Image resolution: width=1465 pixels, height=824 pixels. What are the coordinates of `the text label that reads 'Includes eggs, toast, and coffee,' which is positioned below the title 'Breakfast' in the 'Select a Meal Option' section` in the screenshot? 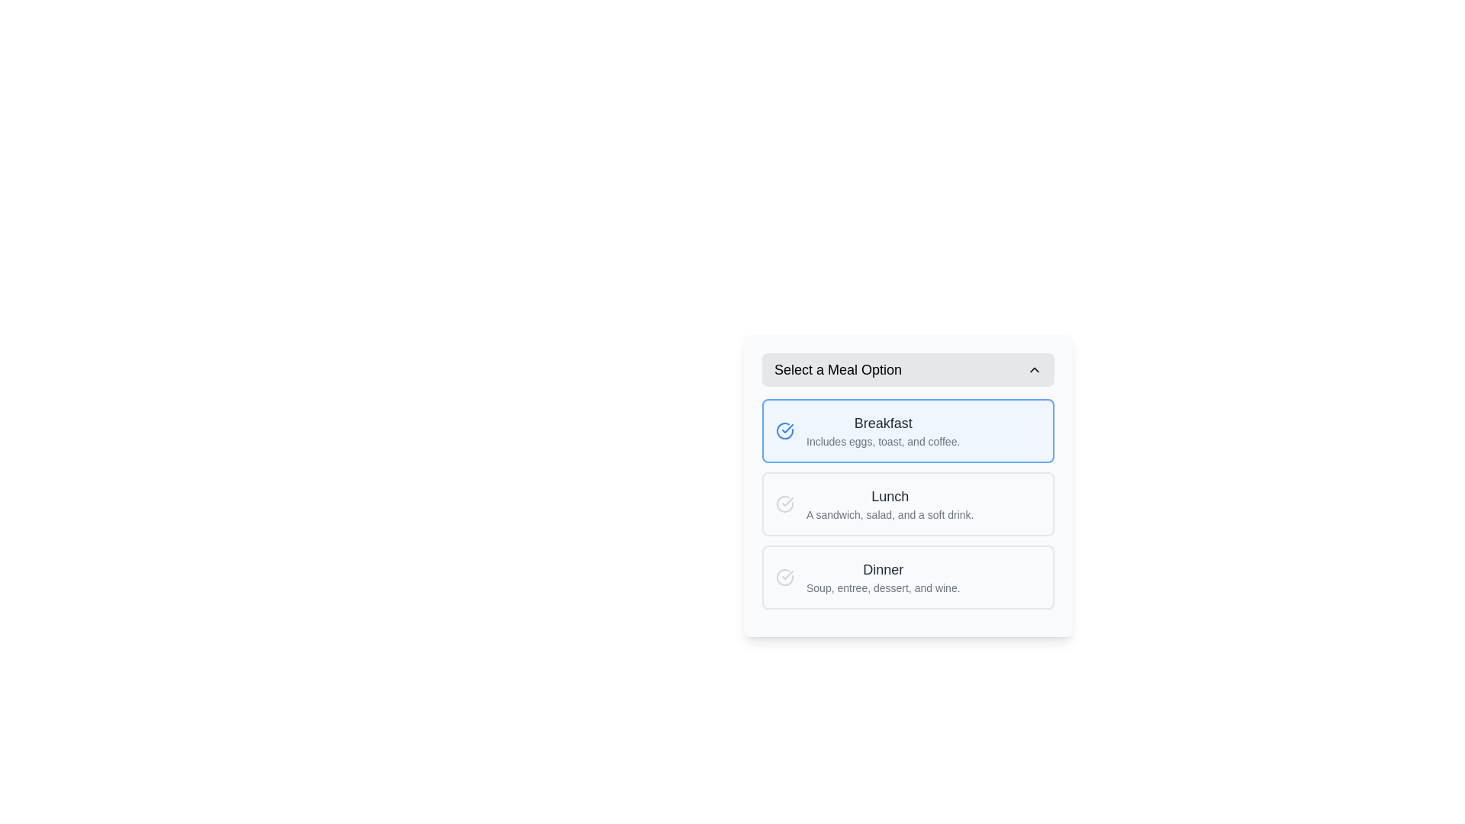 It's located at (883, 441).